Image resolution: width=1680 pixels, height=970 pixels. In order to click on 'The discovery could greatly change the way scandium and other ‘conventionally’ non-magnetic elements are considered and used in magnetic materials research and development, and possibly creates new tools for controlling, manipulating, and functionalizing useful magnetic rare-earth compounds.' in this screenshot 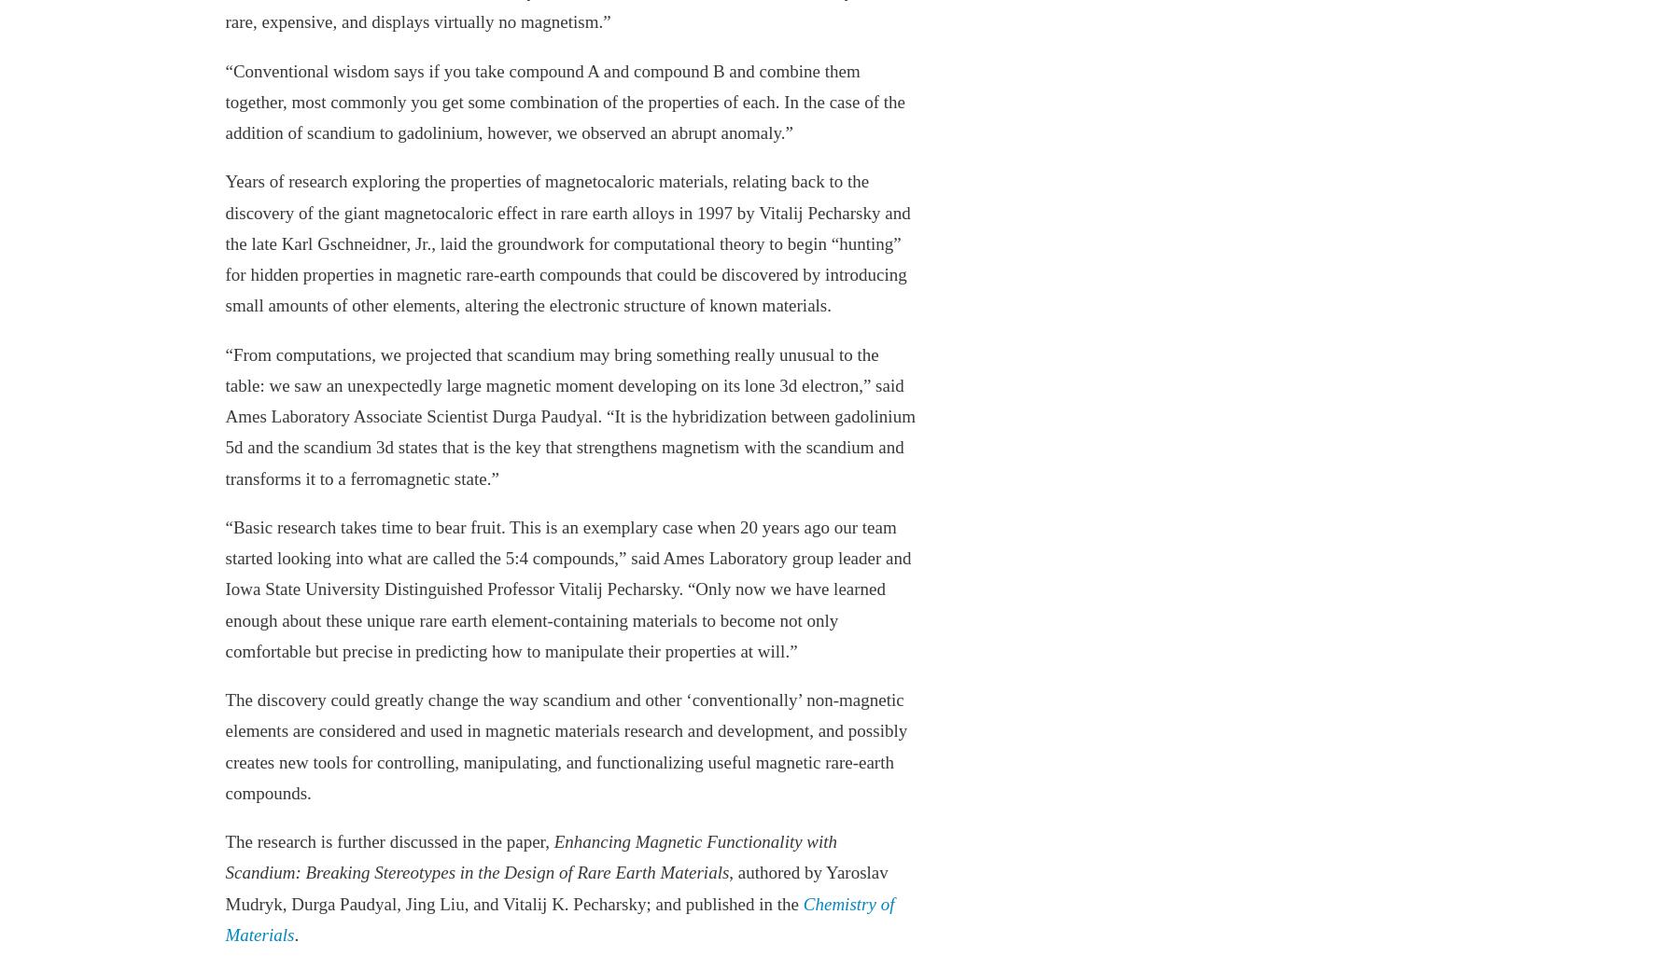, I will do `click(566, 744)`.